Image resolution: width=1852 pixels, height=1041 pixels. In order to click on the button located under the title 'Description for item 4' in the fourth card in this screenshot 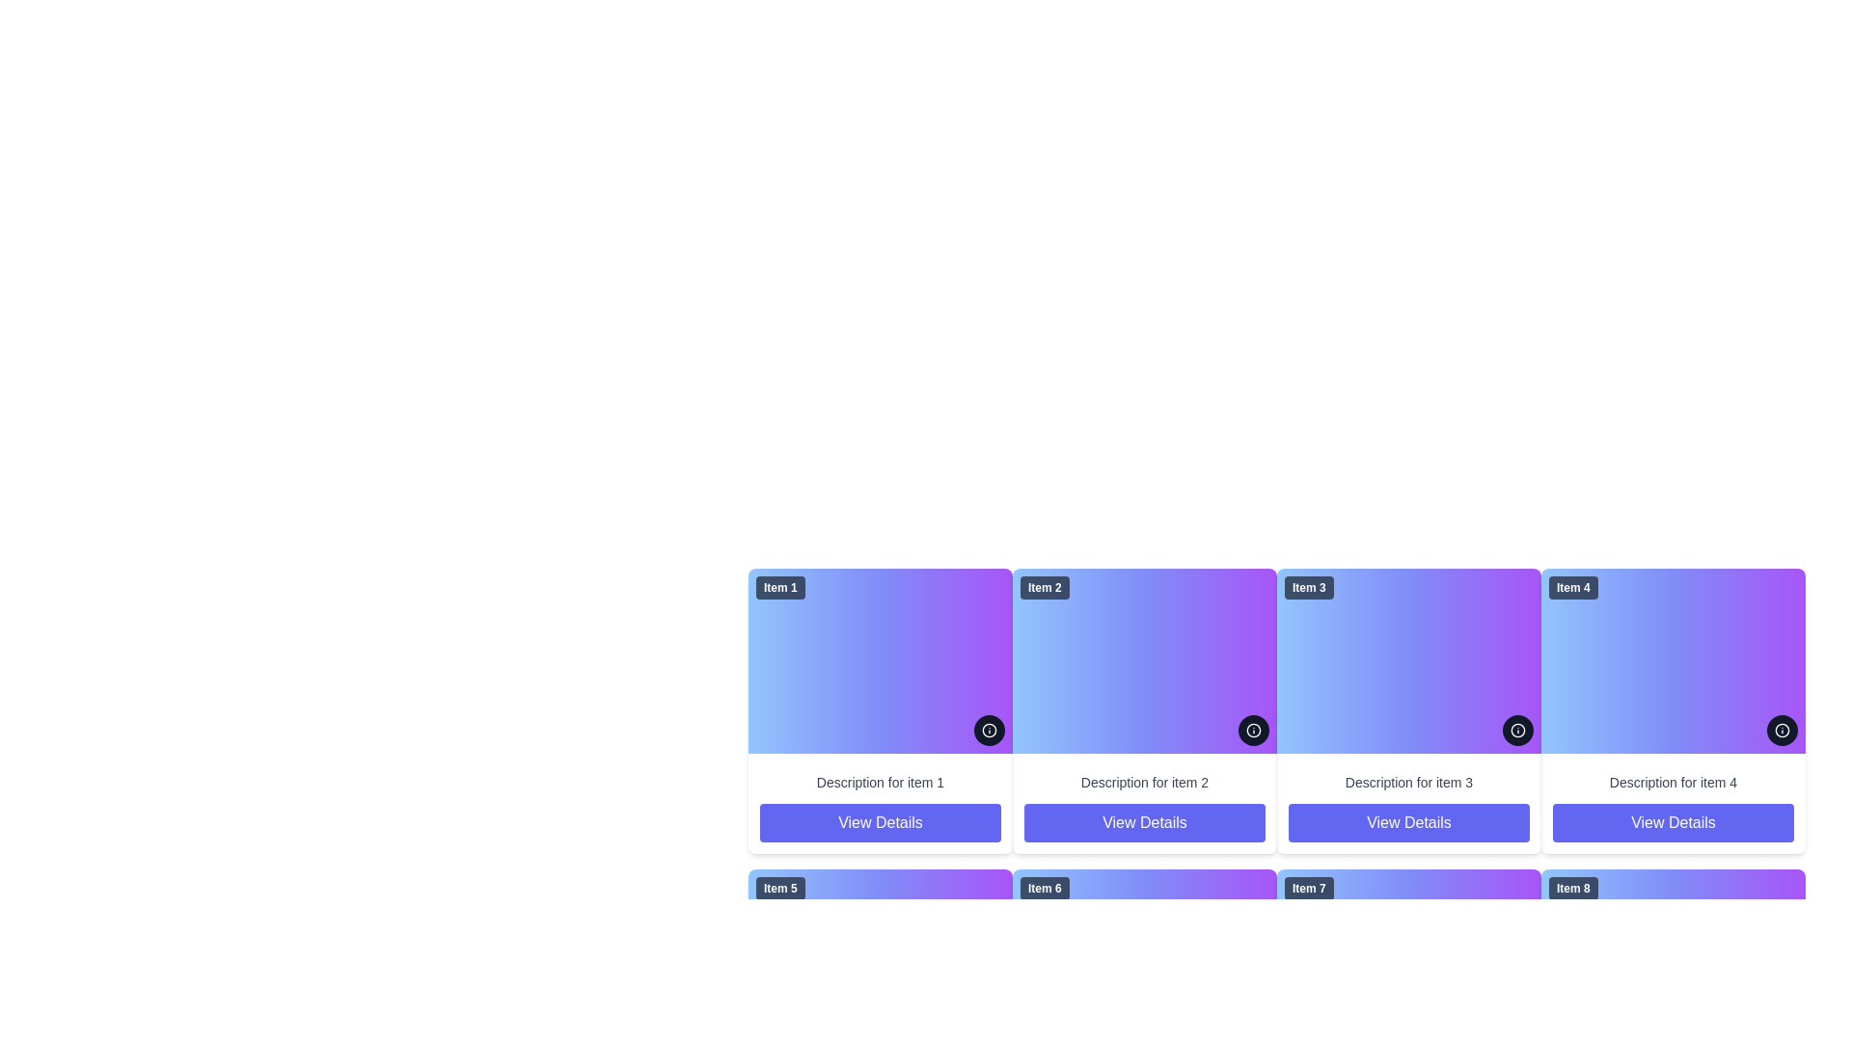, I will do `click(1672, 822)`.